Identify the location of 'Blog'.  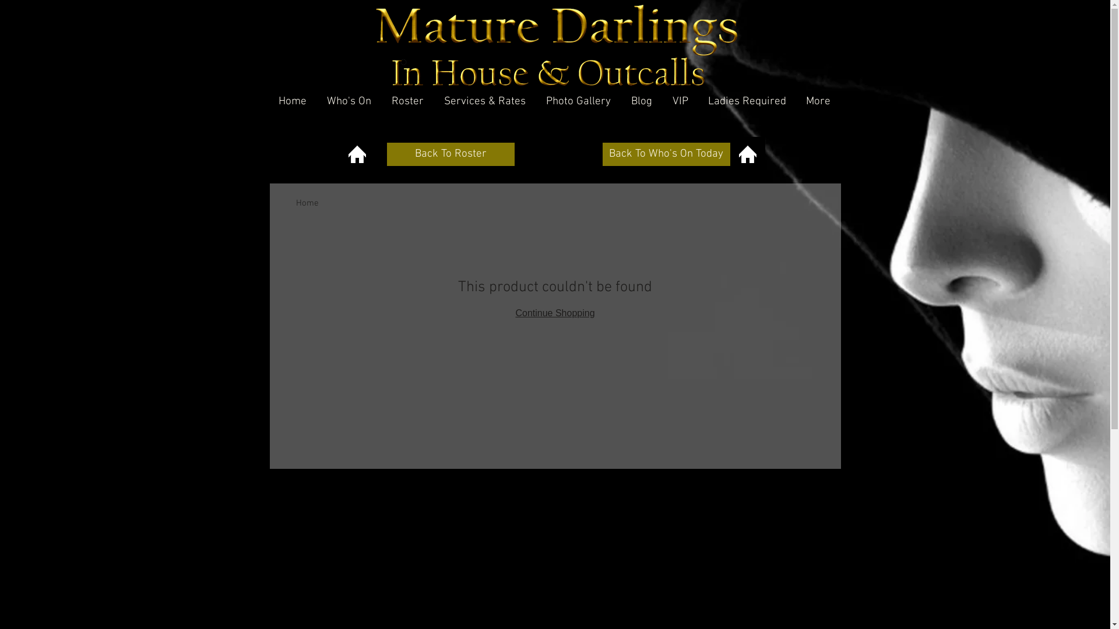
(641, 101).